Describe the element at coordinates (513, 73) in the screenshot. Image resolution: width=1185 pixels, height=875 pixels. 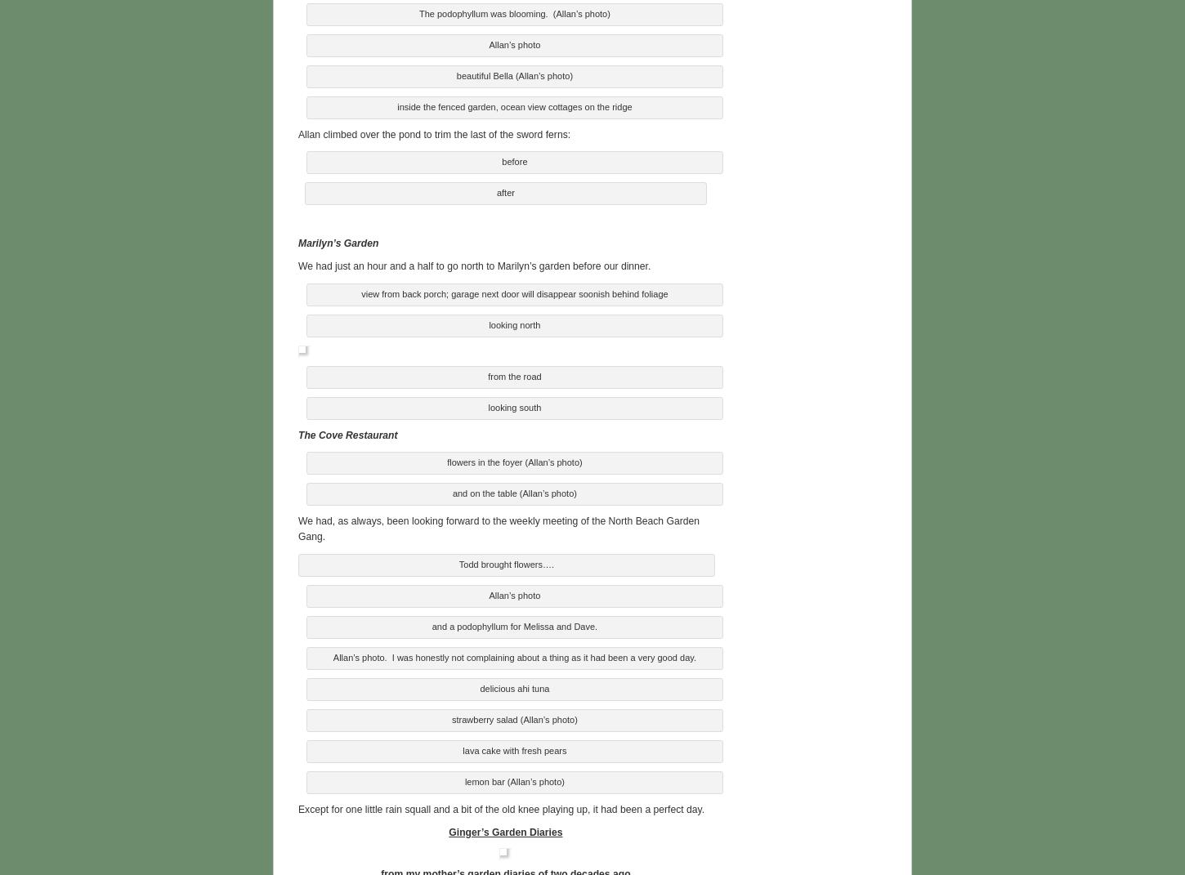
I see `'beautiful Bella (Allan’s photo)'` at that location.